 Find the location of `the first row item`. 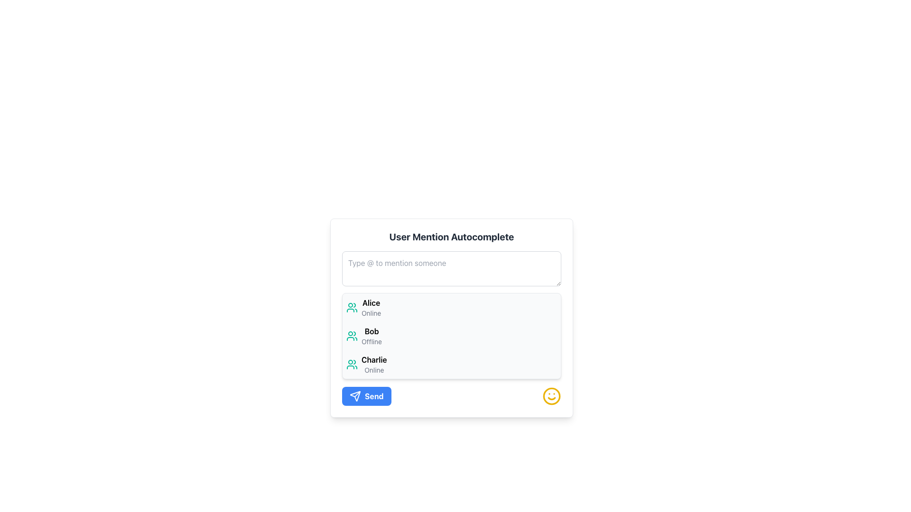

the first row item is located at coordinates (451, 307).